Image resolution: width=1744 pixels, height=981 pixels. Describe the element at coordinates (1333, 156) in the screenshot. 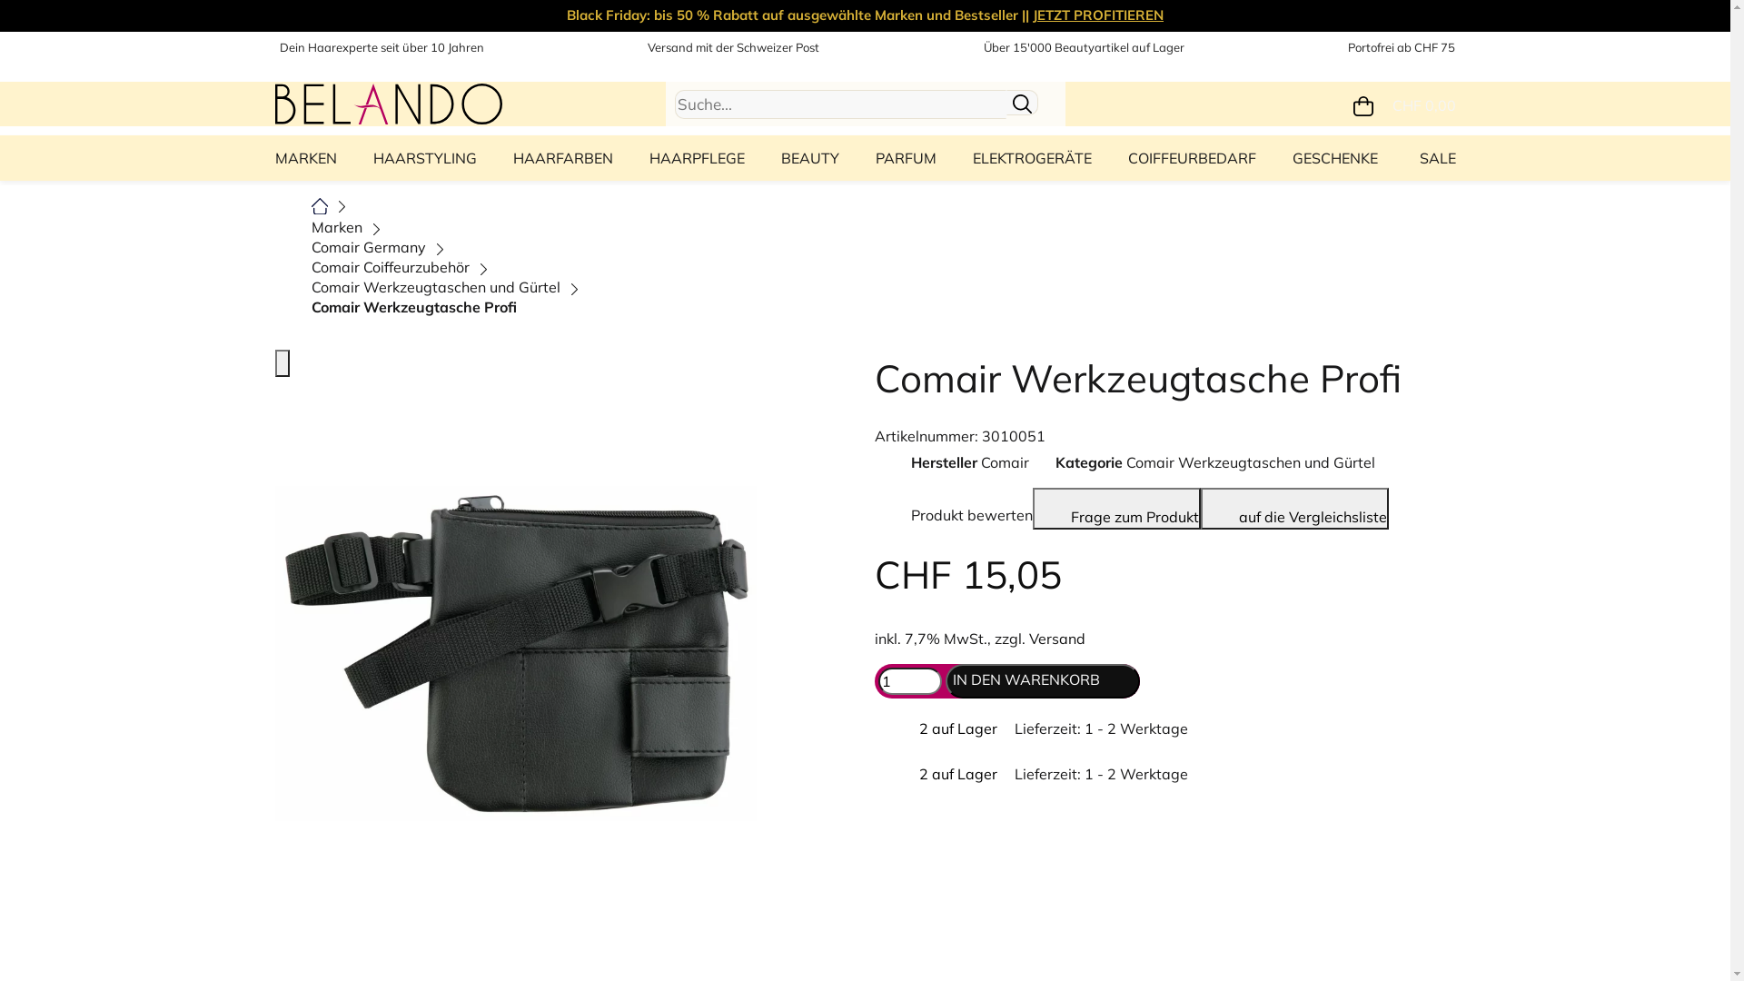

I see `'GESCHENKE'` at that location.